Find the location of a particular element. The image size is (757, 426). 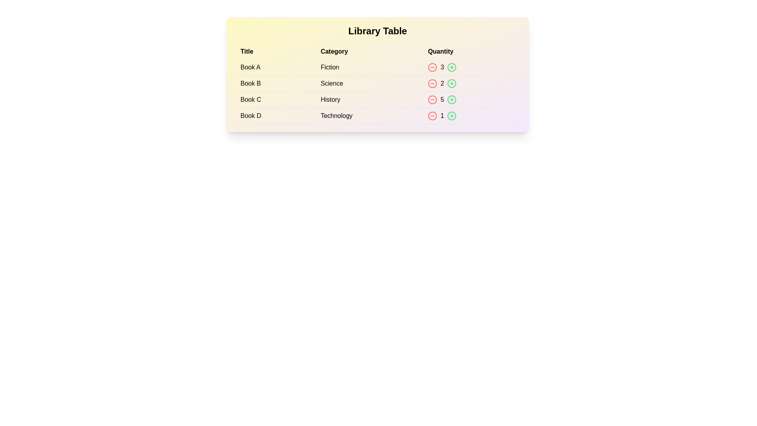

red minus button next to the book titled 'Book B' to decrease its quantity is located at coordinates (432, 84).